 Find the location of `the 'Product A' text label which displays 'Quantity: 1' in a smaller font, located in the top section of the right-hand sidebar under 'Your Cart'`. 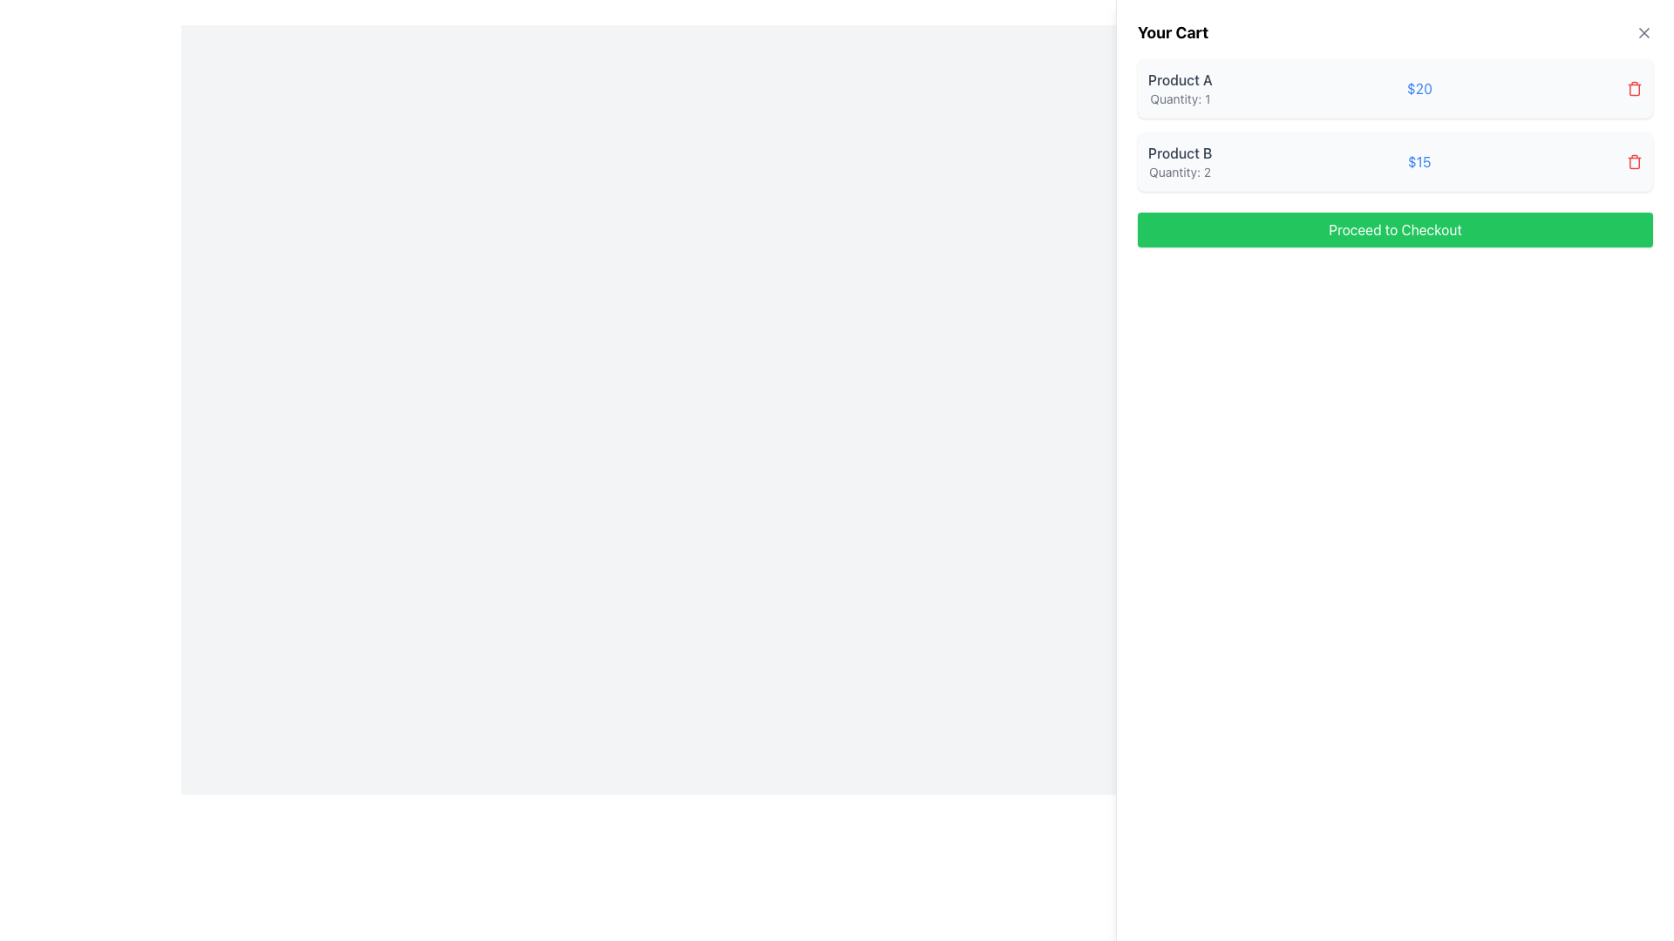

the 'Product A' text label which displays 'Quantity: 1' in a smaller font, located in the top section of the right-hand sidebar under 'Your Cart' is located at coordinates (1180, 88).